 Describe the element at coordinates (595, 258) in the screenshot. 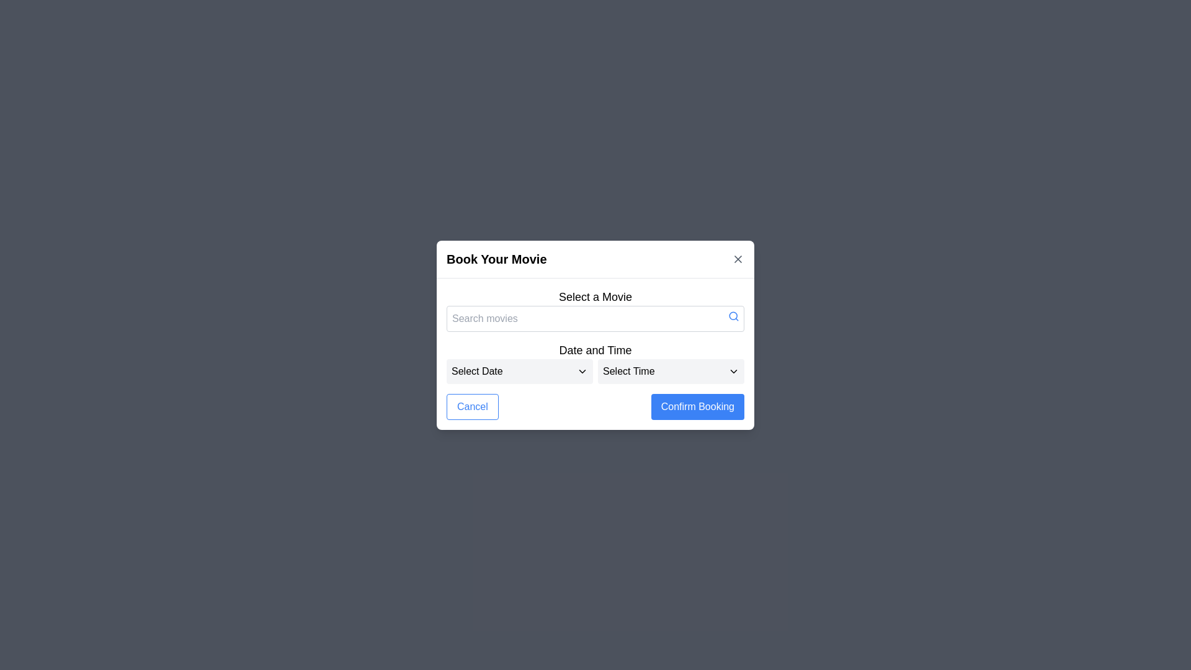

I see `the header element of the modal dialog box, which indicates the context of booking a movie` at that location.